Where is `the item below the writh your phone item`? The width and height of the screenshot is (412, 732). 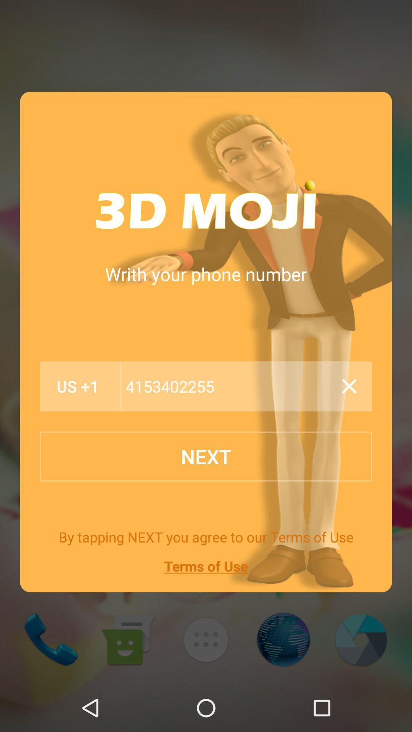 the item below the writh your phone item is located at coordinates (228, 386).